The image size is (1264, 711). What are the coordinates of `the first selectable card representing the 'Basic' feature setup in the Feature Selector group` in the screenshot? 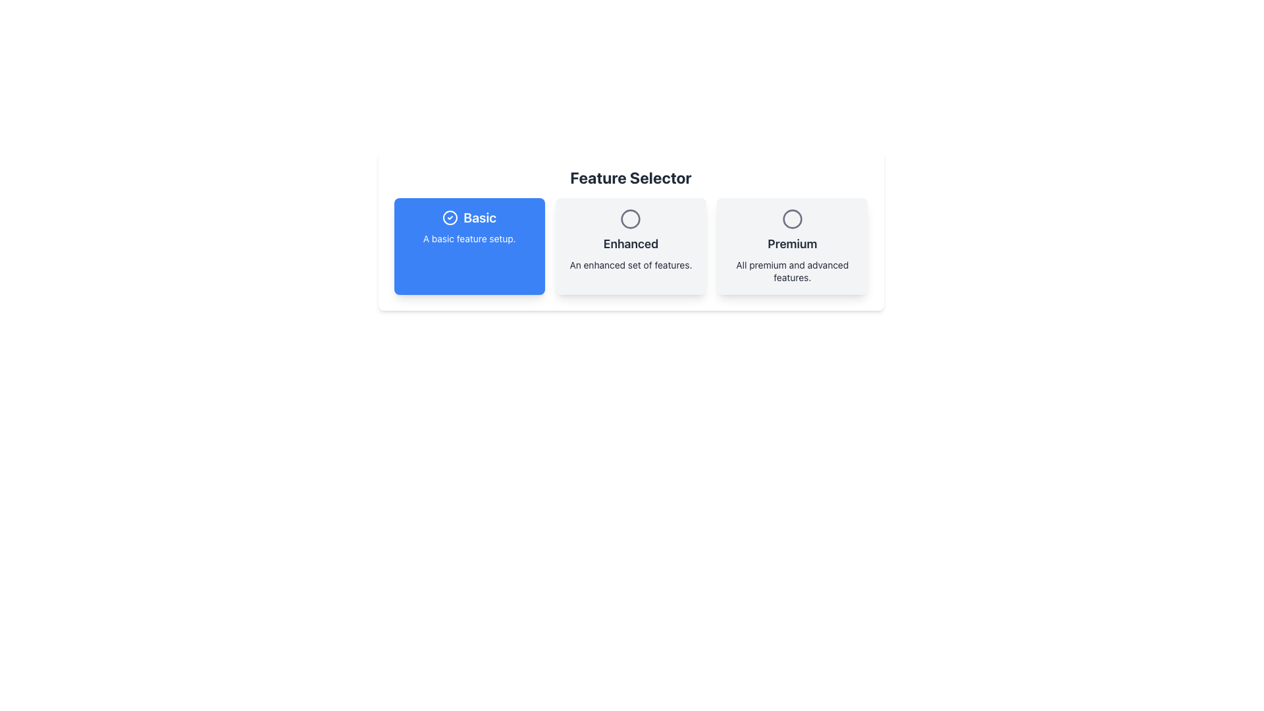 It's located at (469, 246).